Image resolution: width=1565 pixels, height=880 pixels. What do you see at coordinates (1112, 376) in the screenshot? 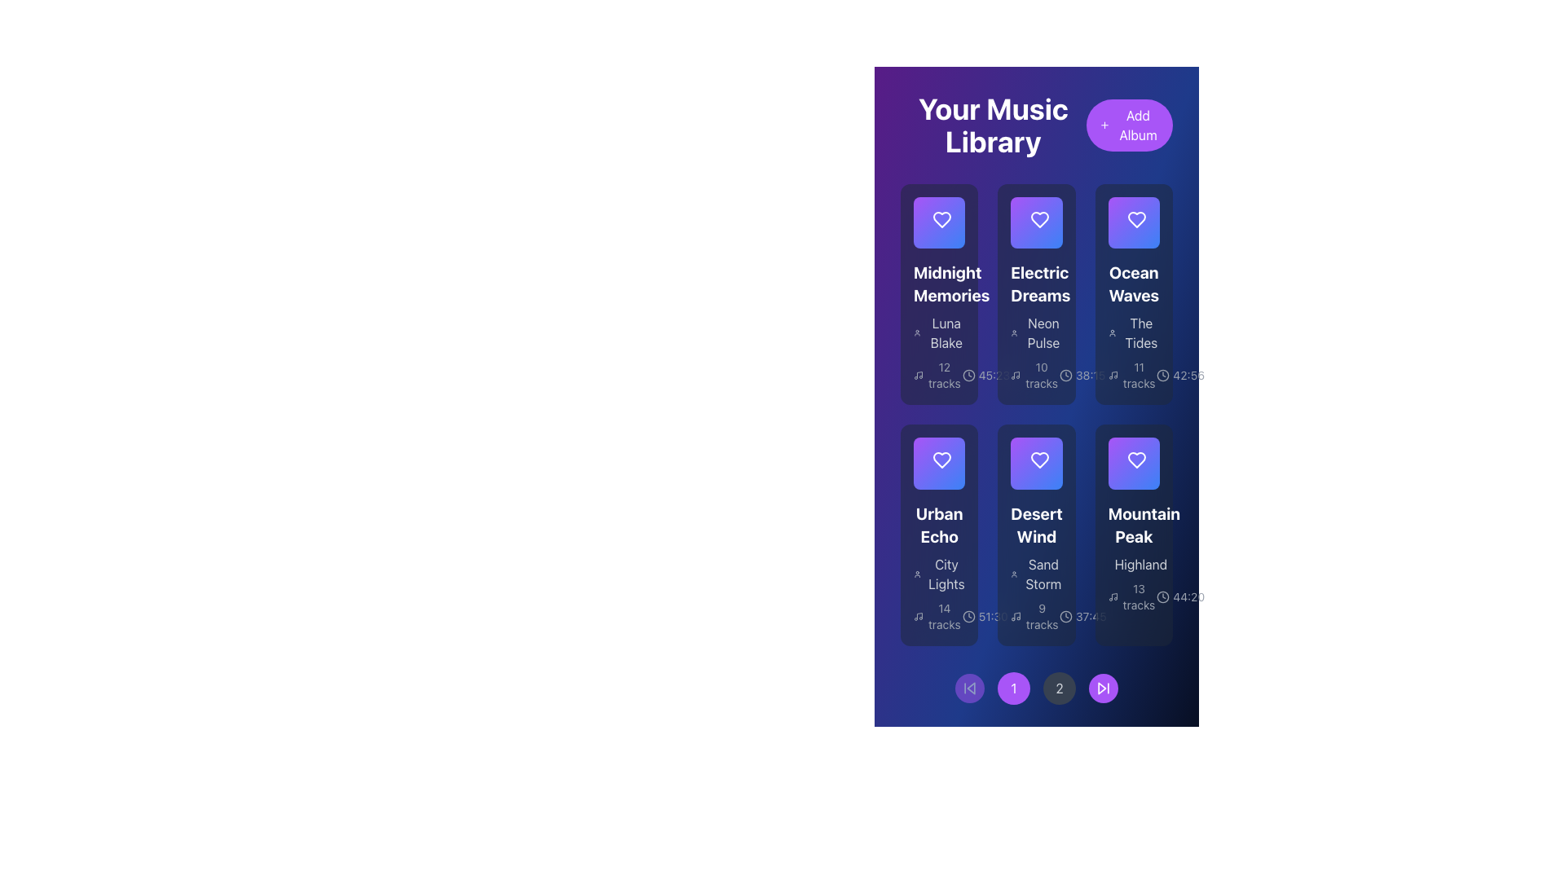
I see `the music icon adjacent to the '11 tracks' text in the 'Ocean Waves' grid card within 'Your Music Library'` at bounding box center [1112, 376].